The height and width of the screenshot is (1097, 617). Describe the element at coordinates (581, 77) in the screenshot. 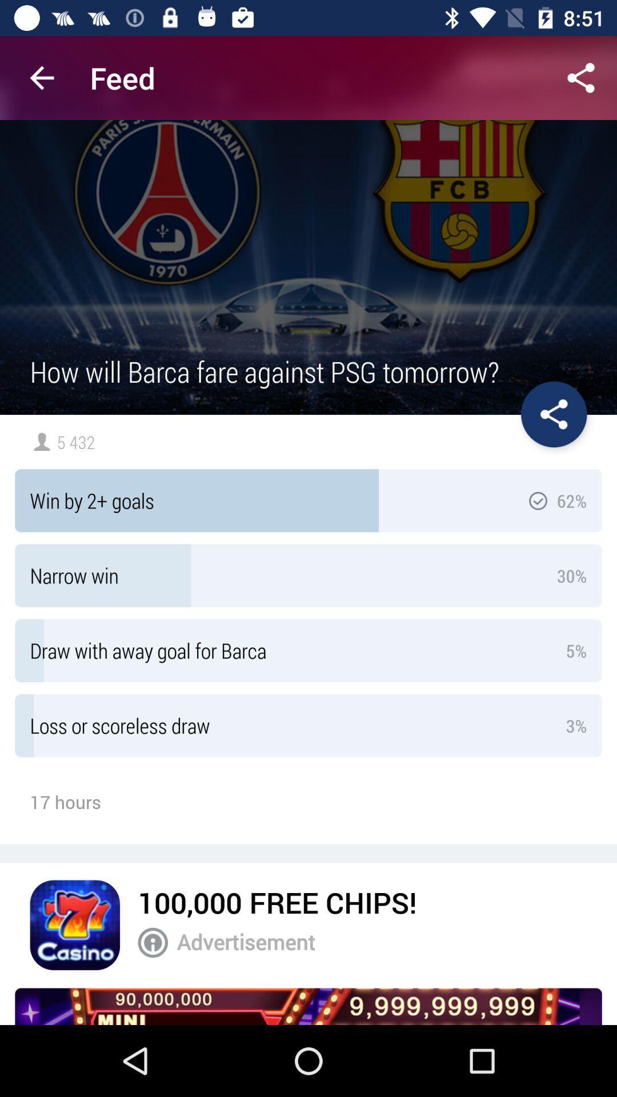

I see `share the content` at that location.